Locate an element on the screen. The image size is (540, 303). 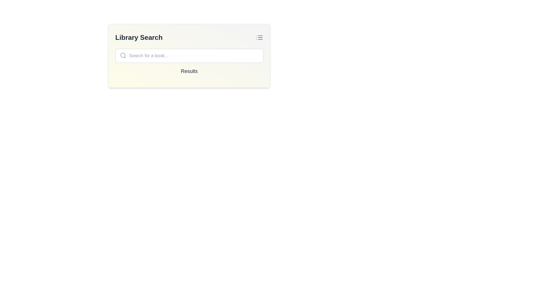
the search bar in the 'Library Search' section to focus on it is located at coordinates (189, 56).